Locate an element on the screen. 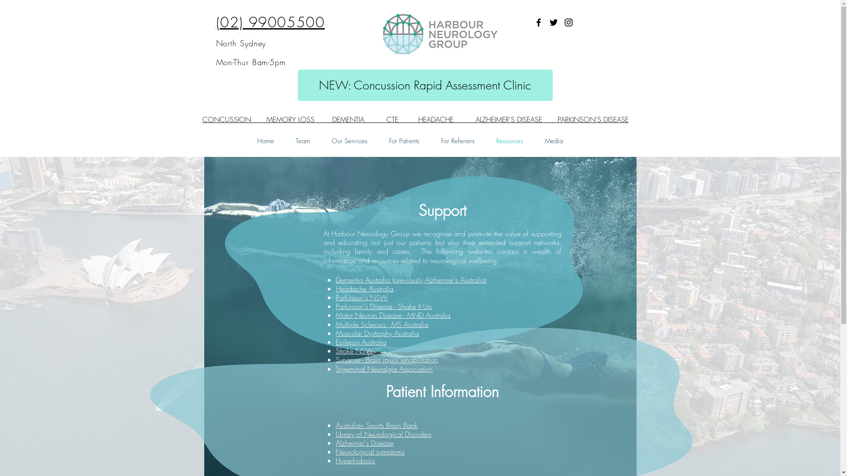 This screenshot has height=476, width=847. 'Motor Neuron Disease - MND Australia' is located at coordinates (393, 314).